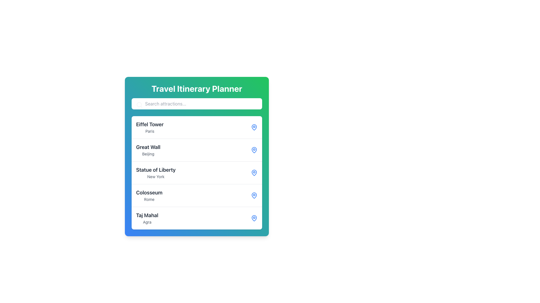 This screenshot has width=540, height=303. What do you see at coordinates (147, 218) in the screenshot?
I see `the list item with the name 'Taj Mahal' and location 'Agra'` at bounding box center [147, 218].